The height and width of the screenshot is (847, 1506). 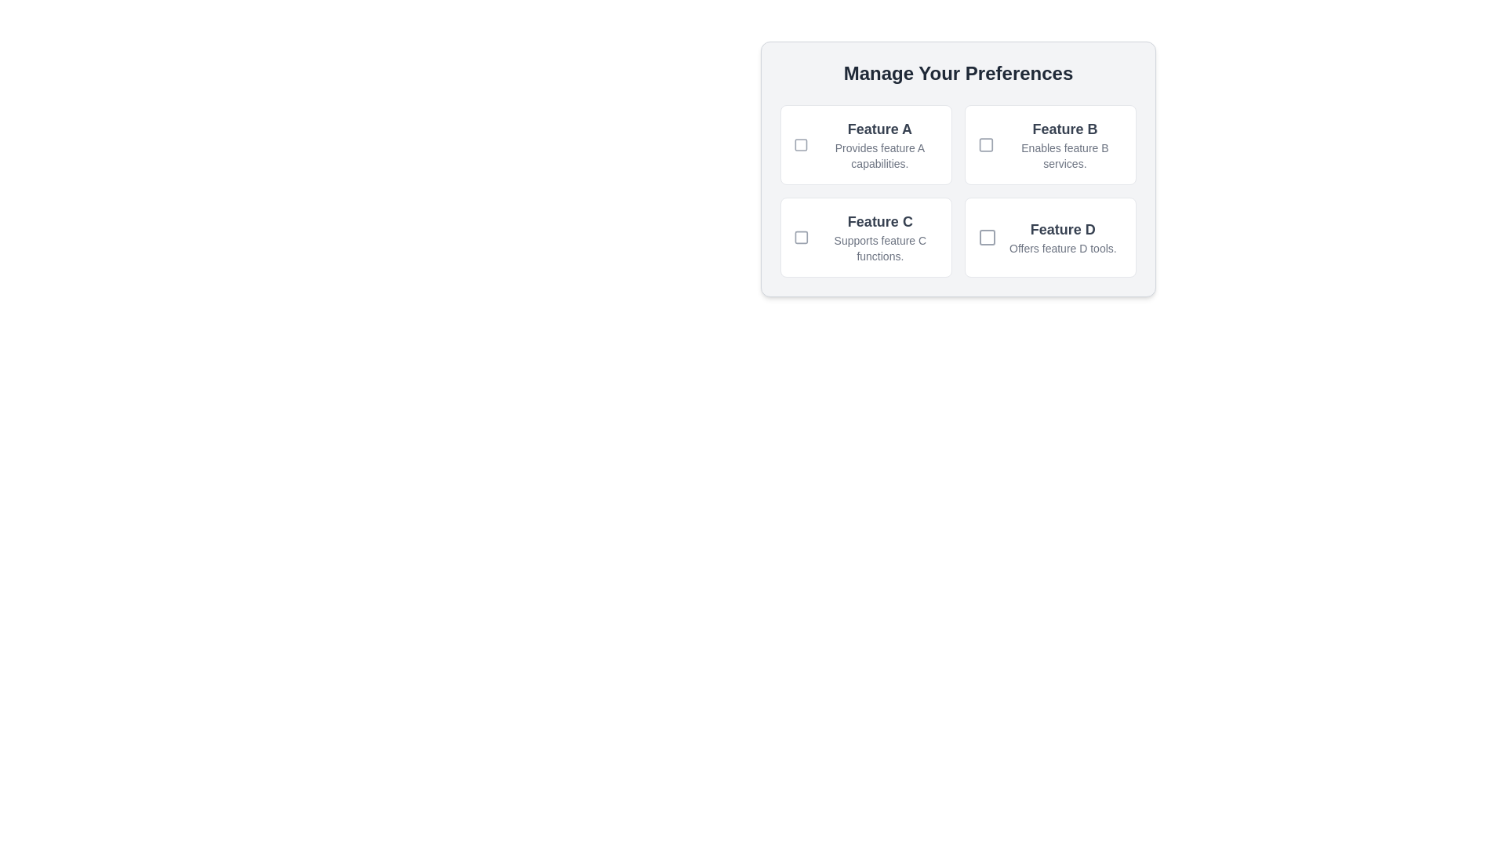 What do you see at coordinates (865, 238) in the screenshot?
I see `the selectable card identified as 'Feature C' which includes a checkbox, located in the second row and first column of the grid layout` at bounding box center [865, 238].